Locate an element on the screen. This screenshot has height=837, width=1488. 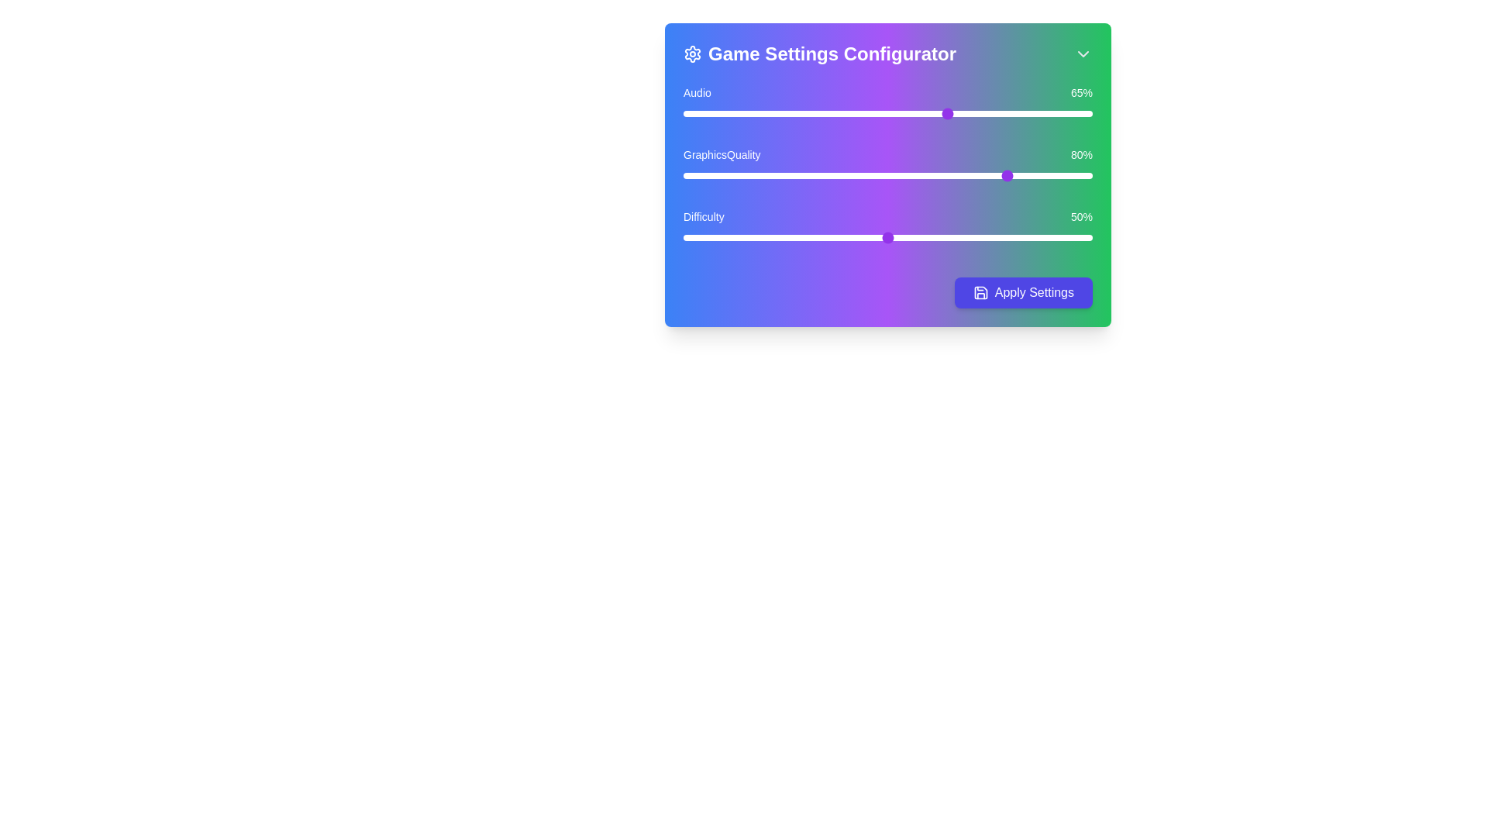
Graphics Quality is located at coordinates (969, 175).